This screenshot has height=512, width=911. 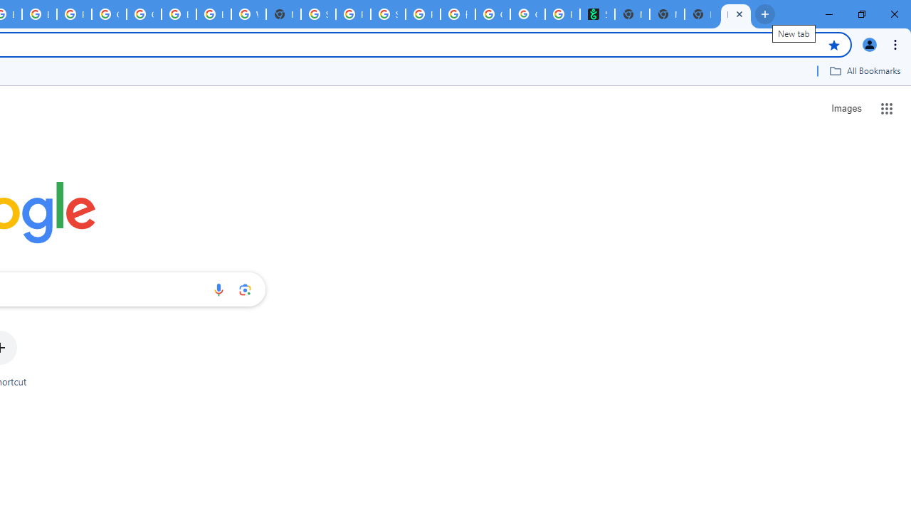 I want to click on 'All Bookmarks', so click(x=864, y=70).